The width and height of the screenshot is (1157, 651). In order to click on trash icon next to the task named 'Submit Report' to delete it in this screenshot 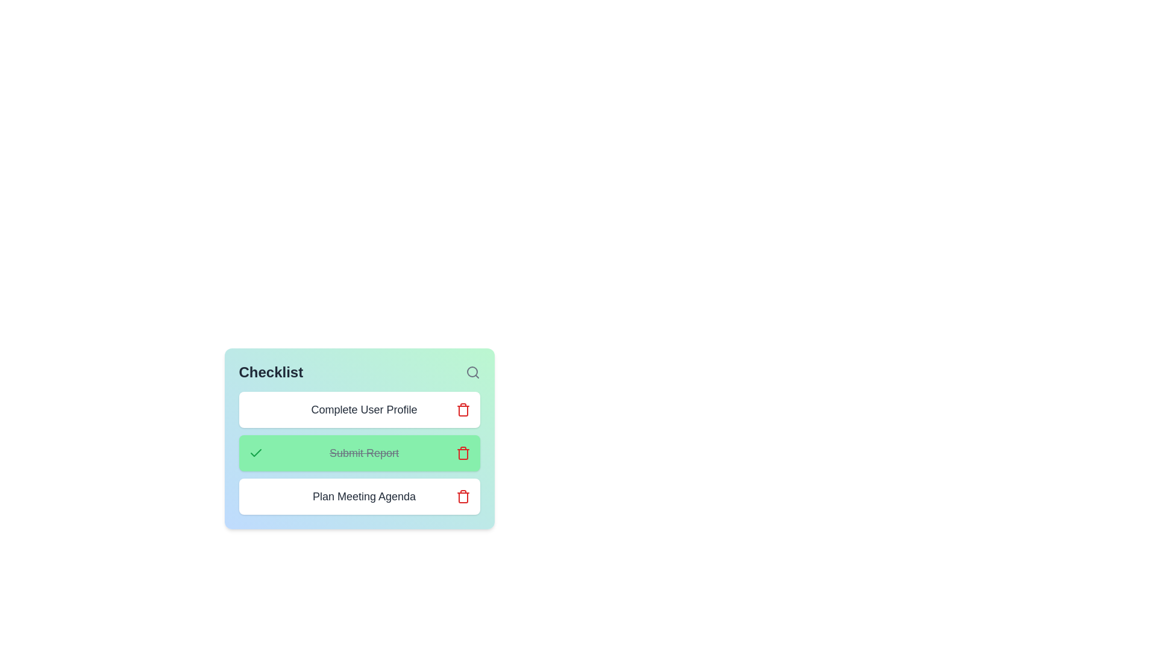, I will do `click(462, 453)`.